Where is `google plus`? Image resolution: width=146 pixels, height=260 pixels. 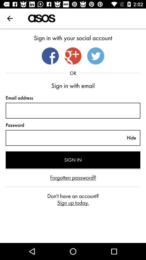
google plus is located at coordinates (73, 56).